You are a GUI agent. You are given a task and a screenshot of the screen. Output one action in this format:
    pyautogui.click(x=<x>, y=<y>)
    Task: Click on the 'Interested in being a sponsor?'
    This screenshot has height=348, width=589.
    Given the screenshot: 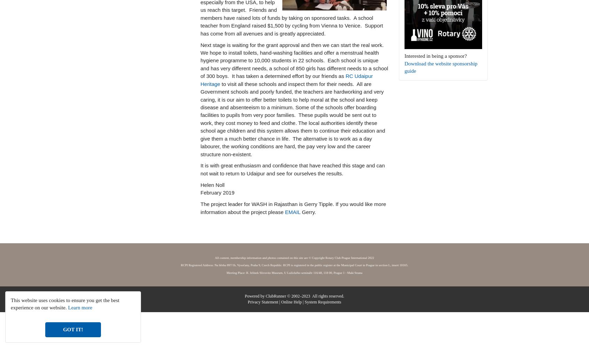 What is the action you would take?
    pyautogui.click(x=435, y=56)
    